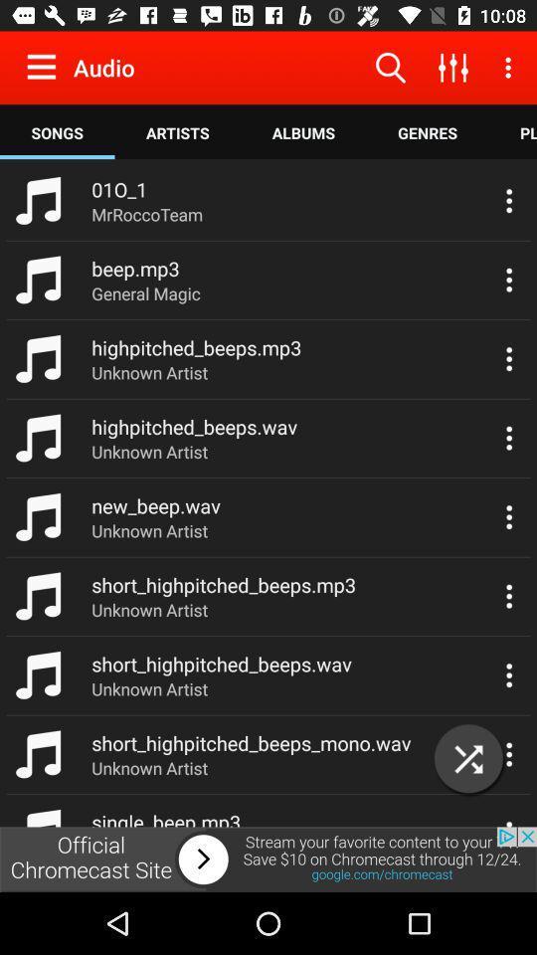 This screenshot has height=955, width=537. Describe the element at coordinates (46, 67) in the screenshot. I see `goes to main menu` at that location.